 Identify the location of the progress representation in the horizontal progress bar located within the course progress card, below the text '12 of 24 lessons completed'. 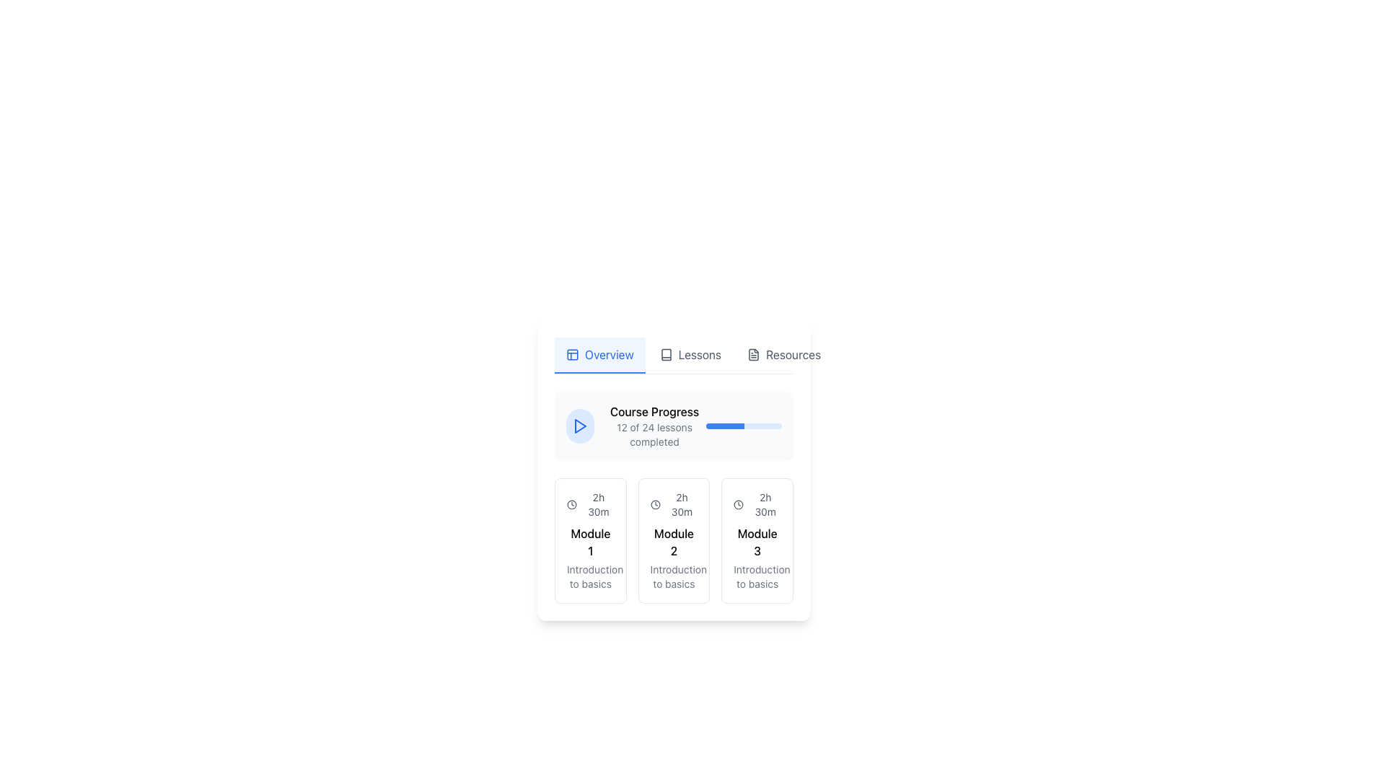
(744, 425).